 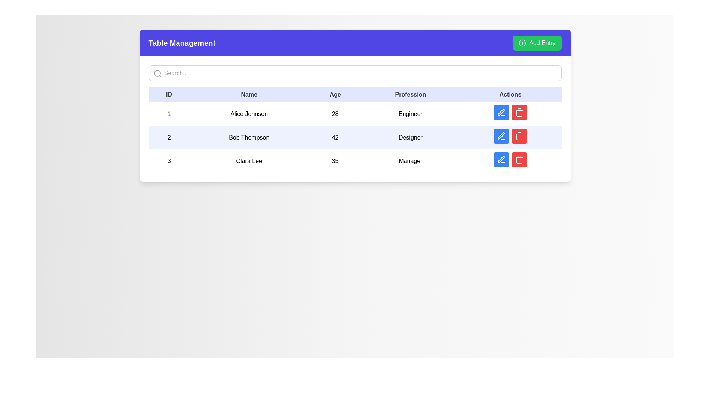 I want to click on the red delete button with a trash can icon in the 'Actions' column of the second row, so click(x=519, y=136).